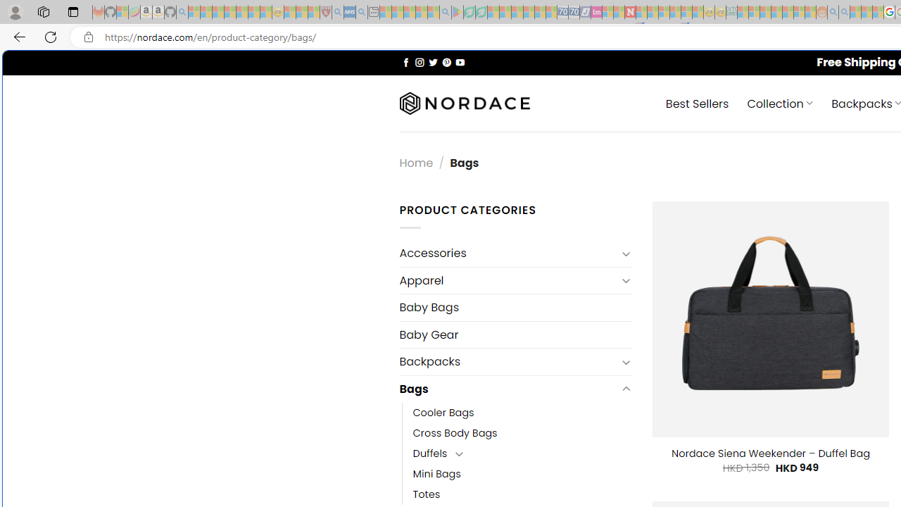  What do you see at coordinates (436, 474) in the screenshot?
I see `'Mini Bags'` at bounding box center [436, 474].